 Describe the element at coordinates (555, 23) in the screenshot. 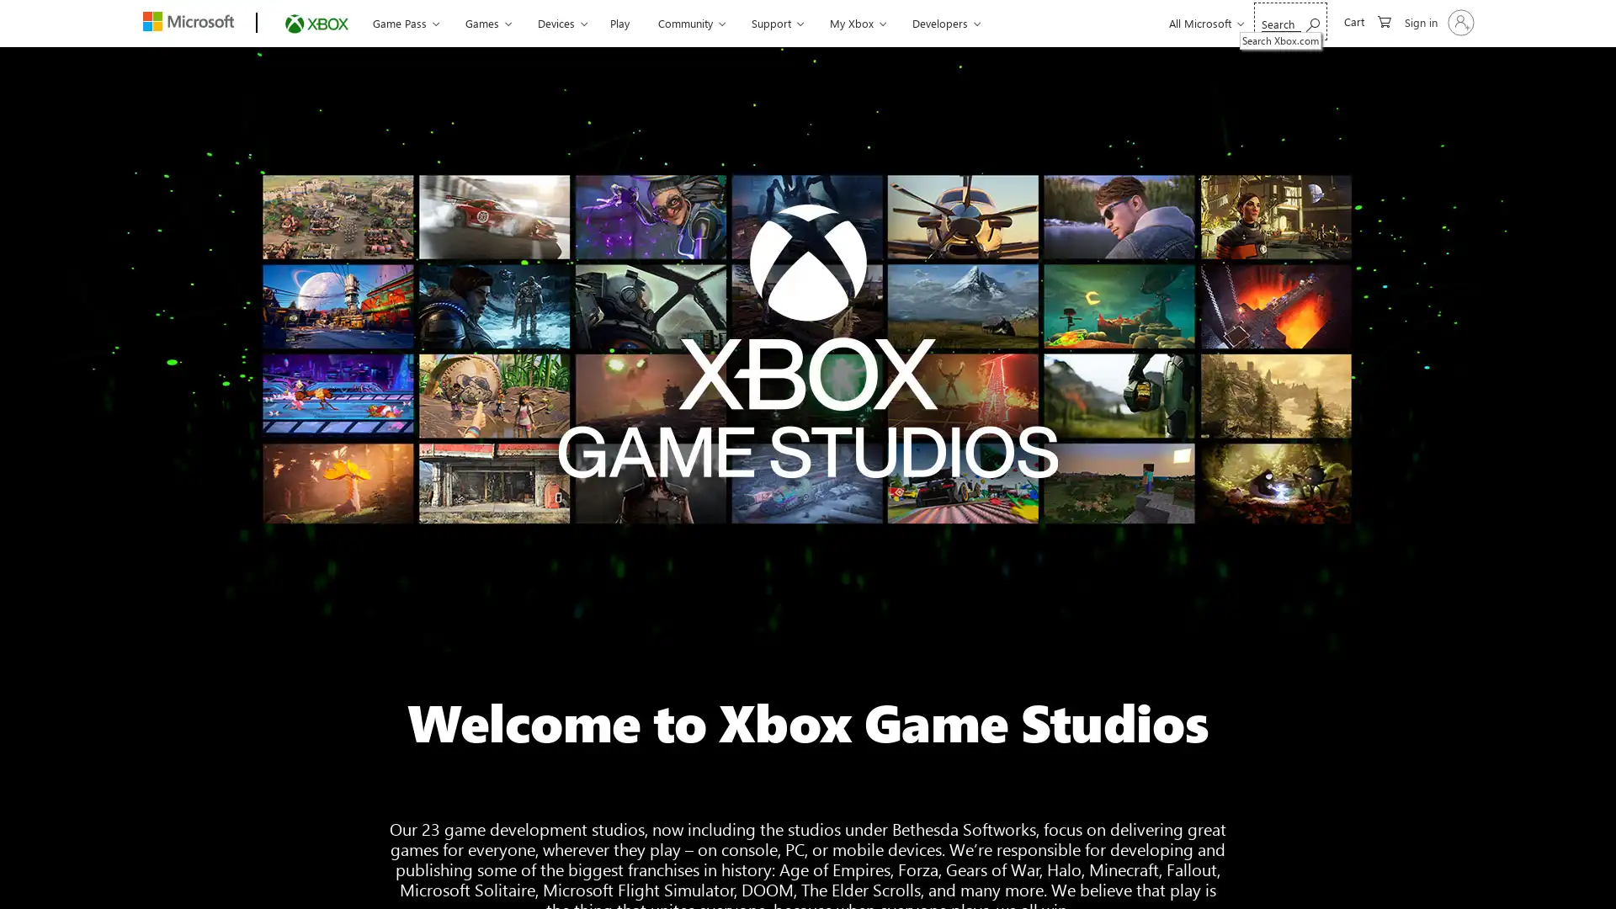

I see `Devices` at that location.